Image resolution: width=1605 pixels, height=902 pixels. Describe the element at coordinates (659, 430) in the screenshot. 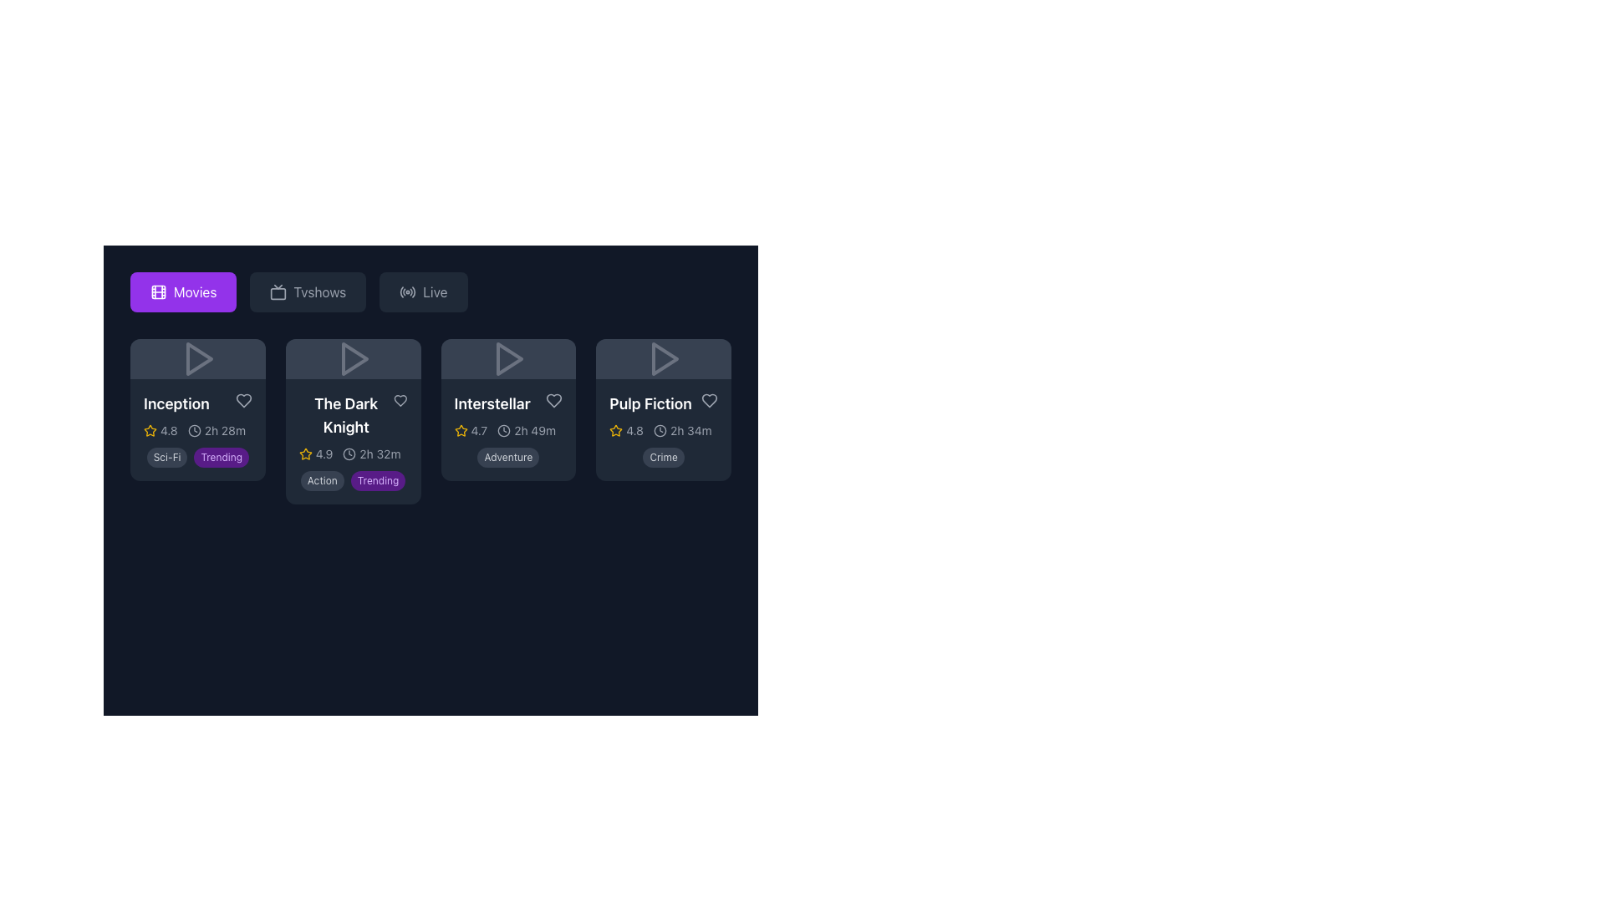

I see `the outer circular component of the clock icon within the metadata section of the 'Pulp Fiction' card` at that location.